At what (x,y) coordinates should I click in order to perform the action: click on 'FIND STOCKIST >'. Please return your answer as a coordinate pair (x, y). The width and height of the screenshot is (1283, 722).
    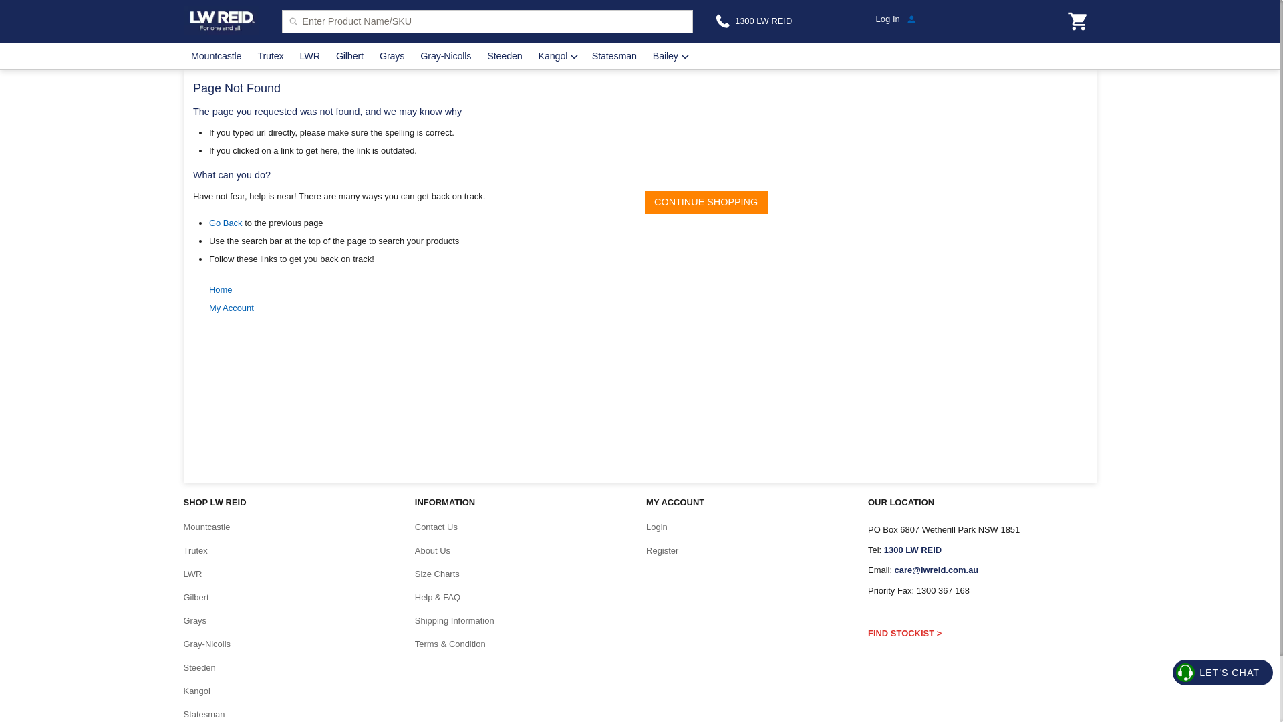
    Looking at the image, I should click on (904, 632).